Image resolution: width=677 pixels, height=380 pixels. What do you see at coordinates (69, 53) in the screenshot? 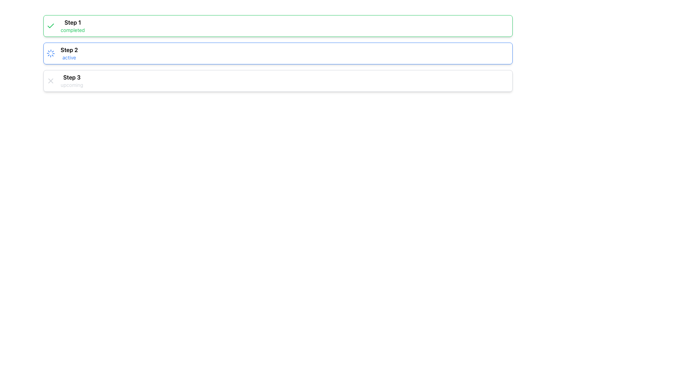
I see `the active Text-based display component labeled 'Step 2' to interact with it` at bounding box center [69, 53].